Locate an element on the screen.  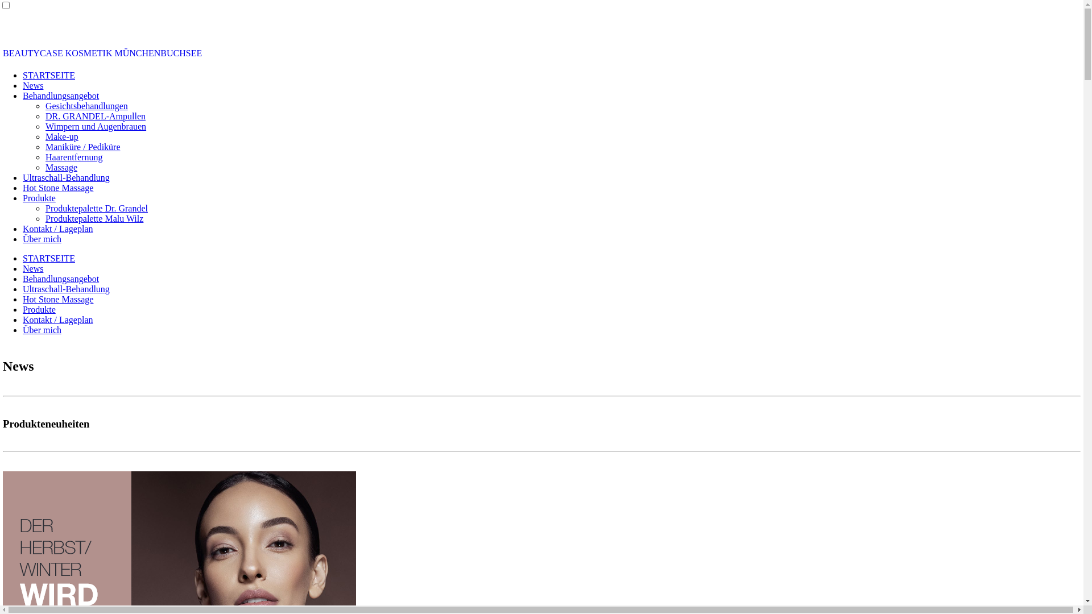
'Ultraschall-Behandlung' is located at coordinates (22, 288).